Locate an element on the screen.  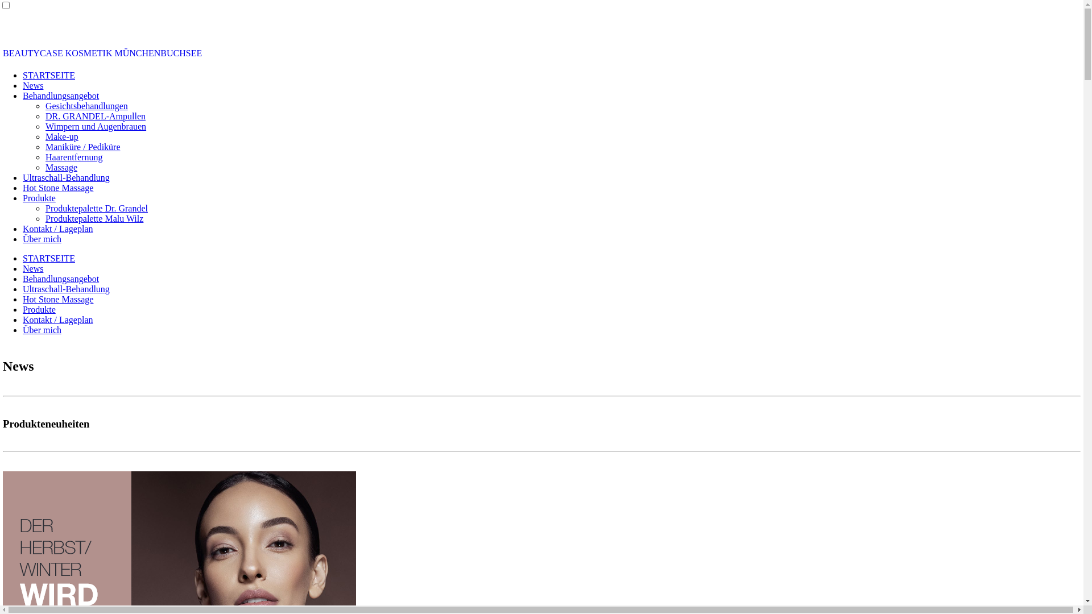
'Ultraschall-Behandlung' is located at coordinates (22, 288).